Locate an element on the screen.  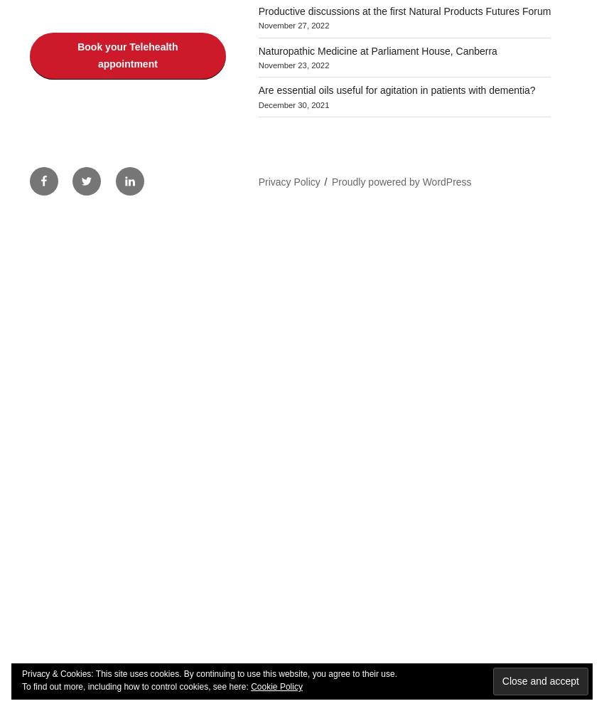
'Cookie Policy' is located at coordinates (276, 686).